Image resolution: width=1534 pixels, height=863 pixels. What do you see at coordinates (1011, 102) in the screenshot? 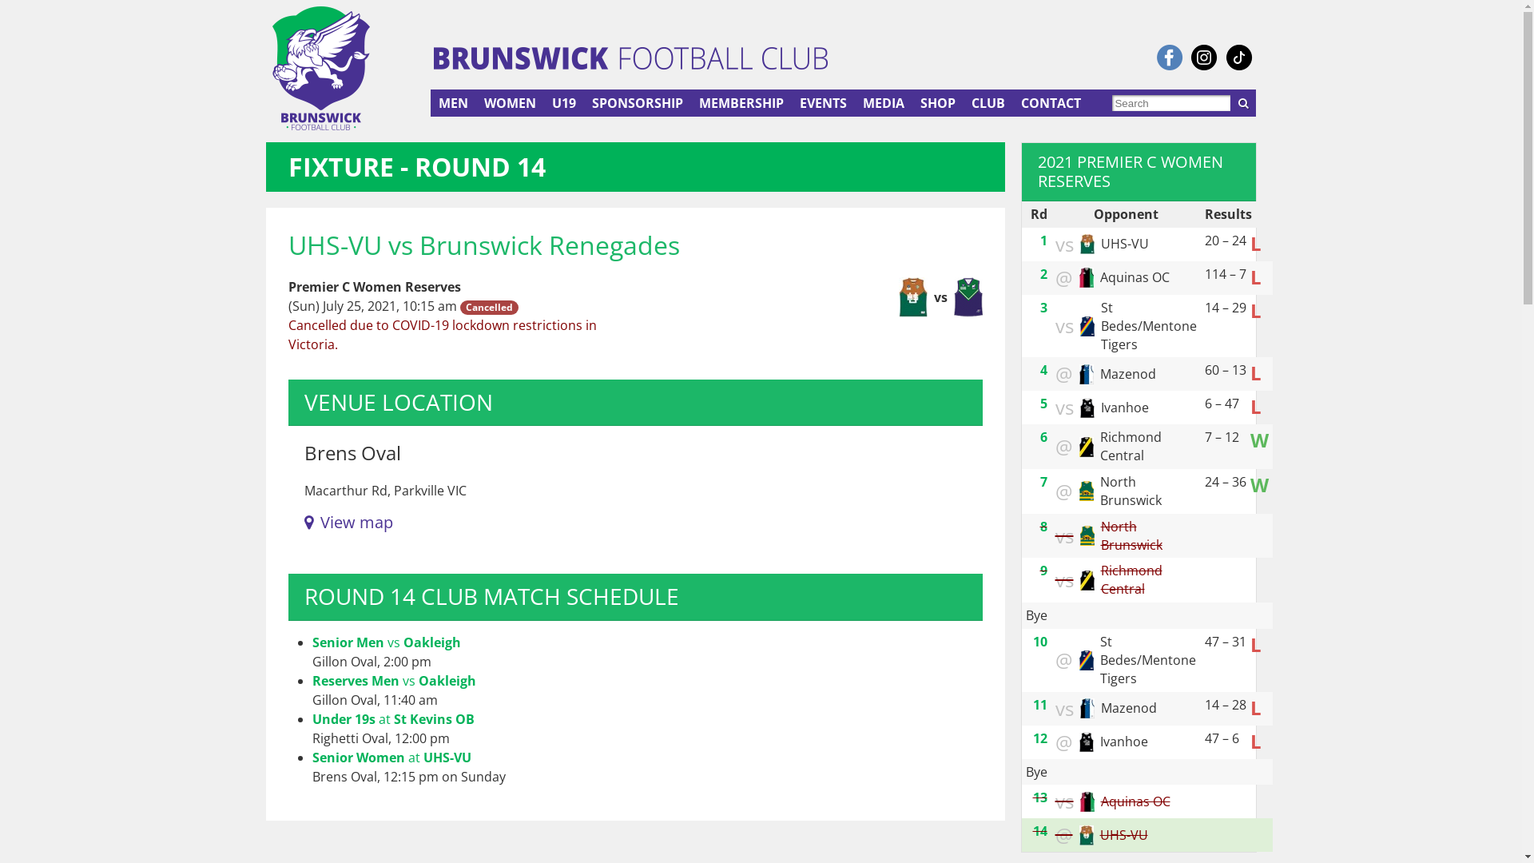
I see `'CONTACT'` at bounding box center [1011, 102].